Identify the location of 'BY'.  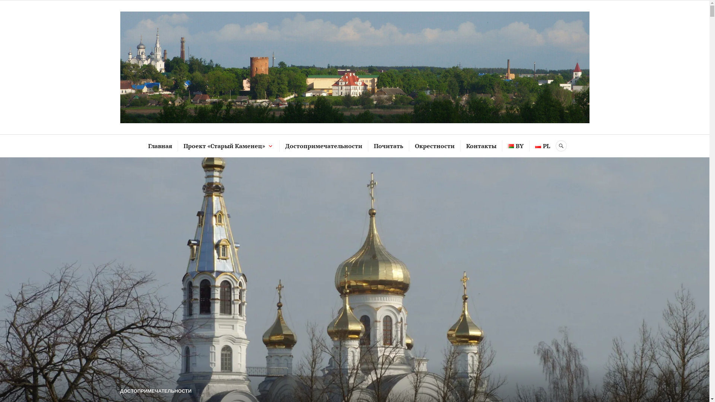
(515, 146).